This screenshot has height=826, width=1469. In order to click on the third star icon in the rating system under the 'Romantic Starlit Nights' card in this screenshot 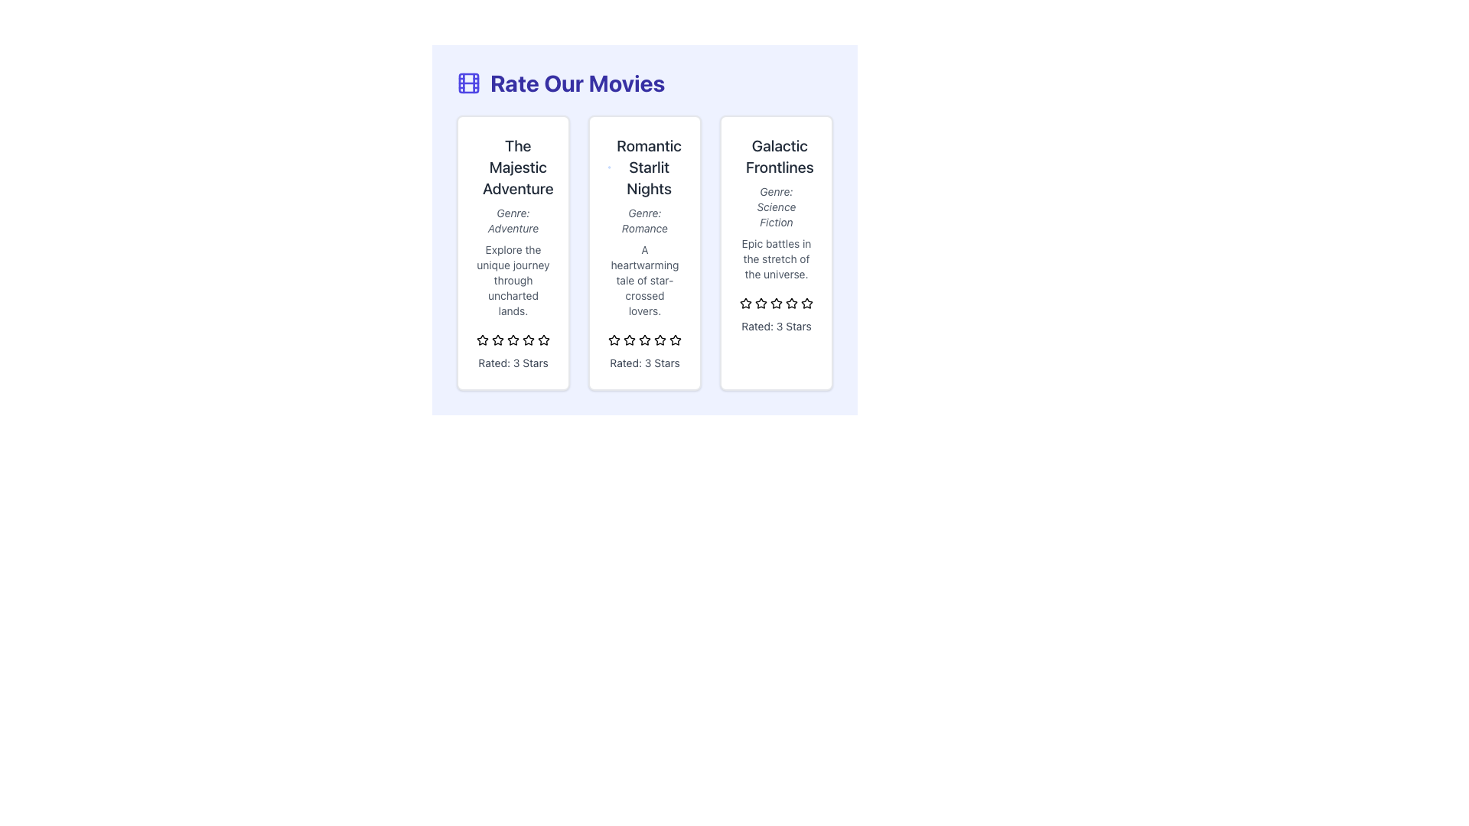, I will do `click(645, 339)`.